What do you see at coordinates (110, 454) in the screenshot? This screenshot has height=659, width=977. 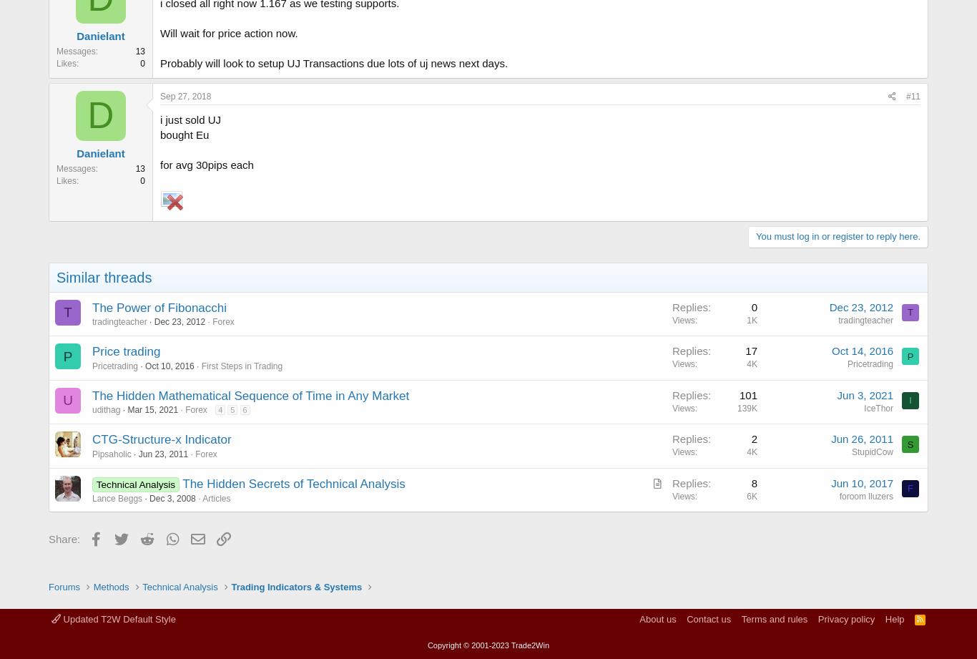 I see `'Pipsaholic'` at bounding box center [110, 454].